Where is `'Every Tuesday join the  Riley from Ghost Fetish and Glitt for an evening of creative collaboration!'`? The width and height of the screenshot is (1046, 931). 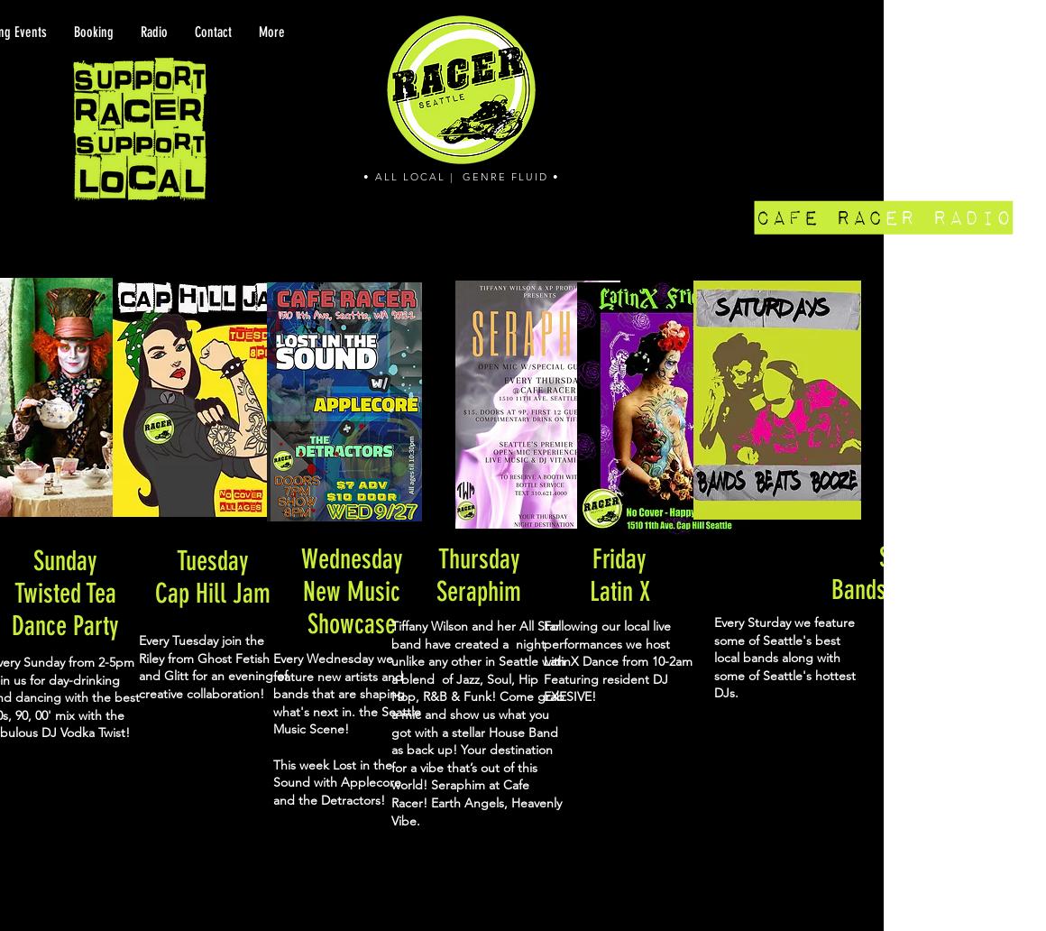 'Every Tuesday join the  Riley from Ghost Fetish and Glitt for an evening of creative collaboration!' is located at coordinates (212, 666).